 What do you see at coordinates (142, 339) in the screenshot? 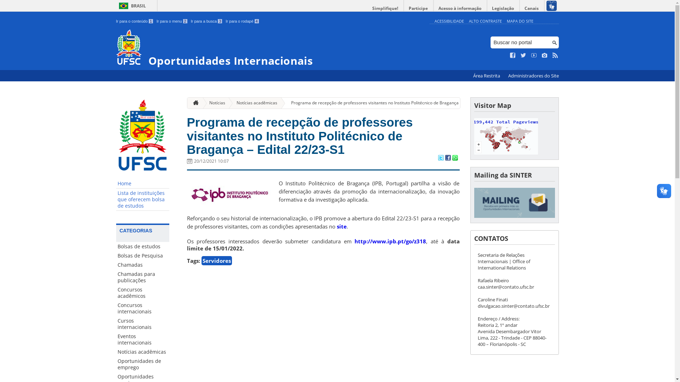
I see `'Eventos internacionais'` at bounding box center [142, 339].